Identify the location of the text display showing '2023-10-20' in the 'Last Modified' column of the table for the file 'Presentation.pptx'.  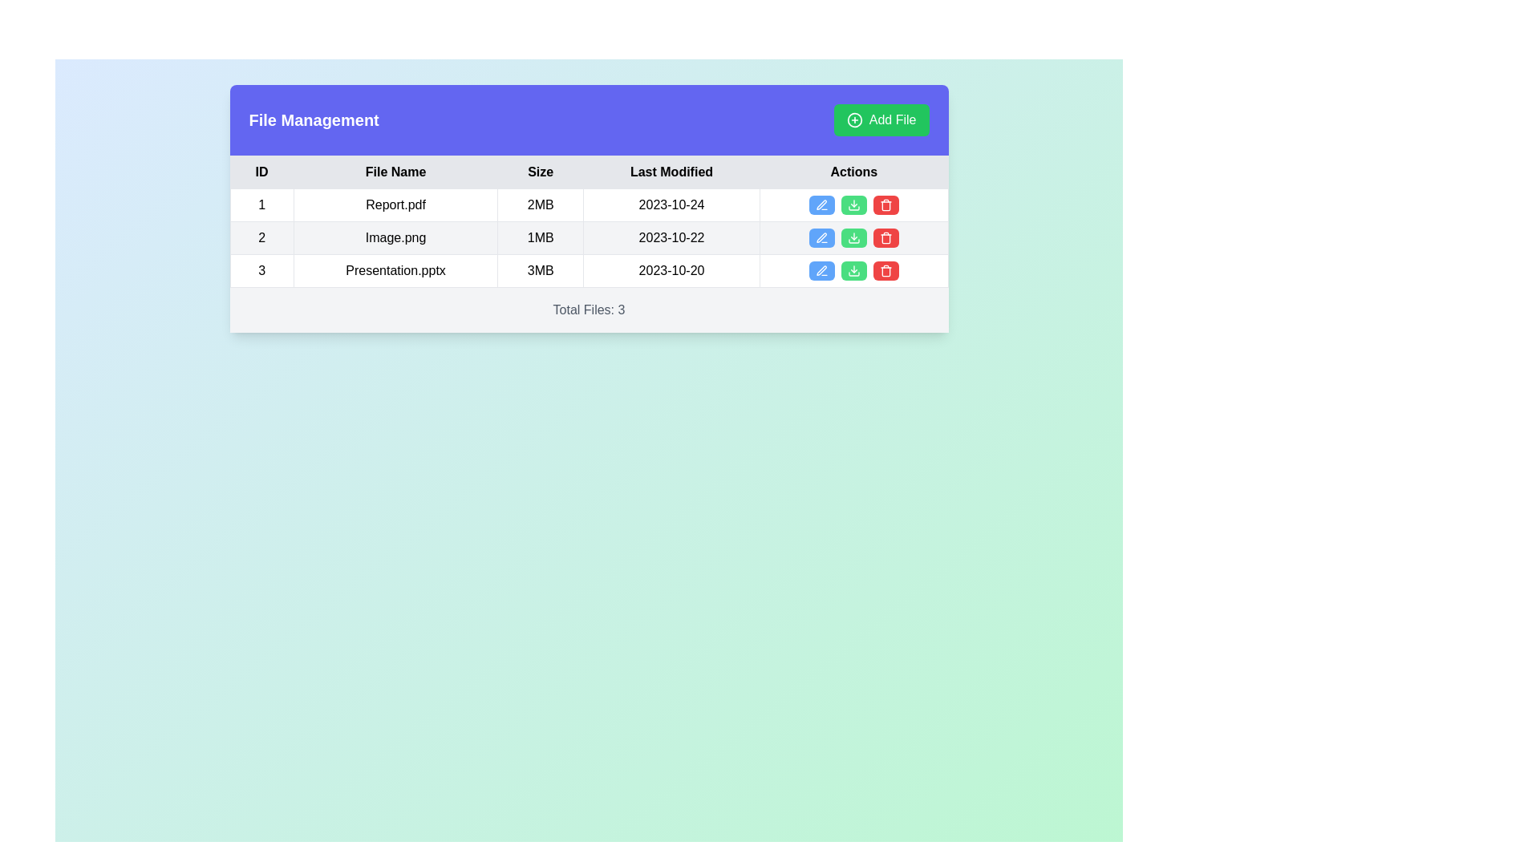
(671, 270).